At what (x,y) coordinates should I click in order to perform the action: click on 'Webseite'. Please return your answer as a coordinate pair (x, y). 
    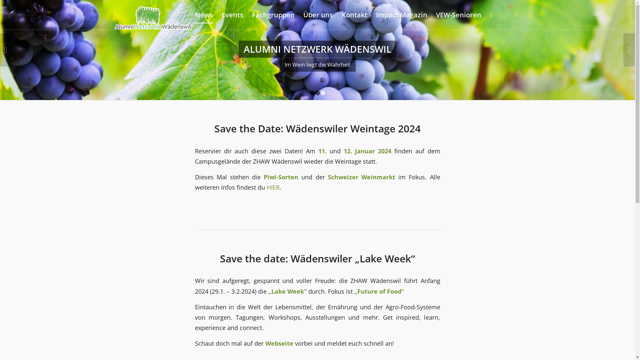
    Looking at the image, I should click on (279, 343).